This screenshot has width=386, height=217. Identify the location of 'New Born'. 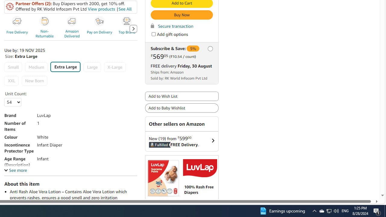
(34, 80).